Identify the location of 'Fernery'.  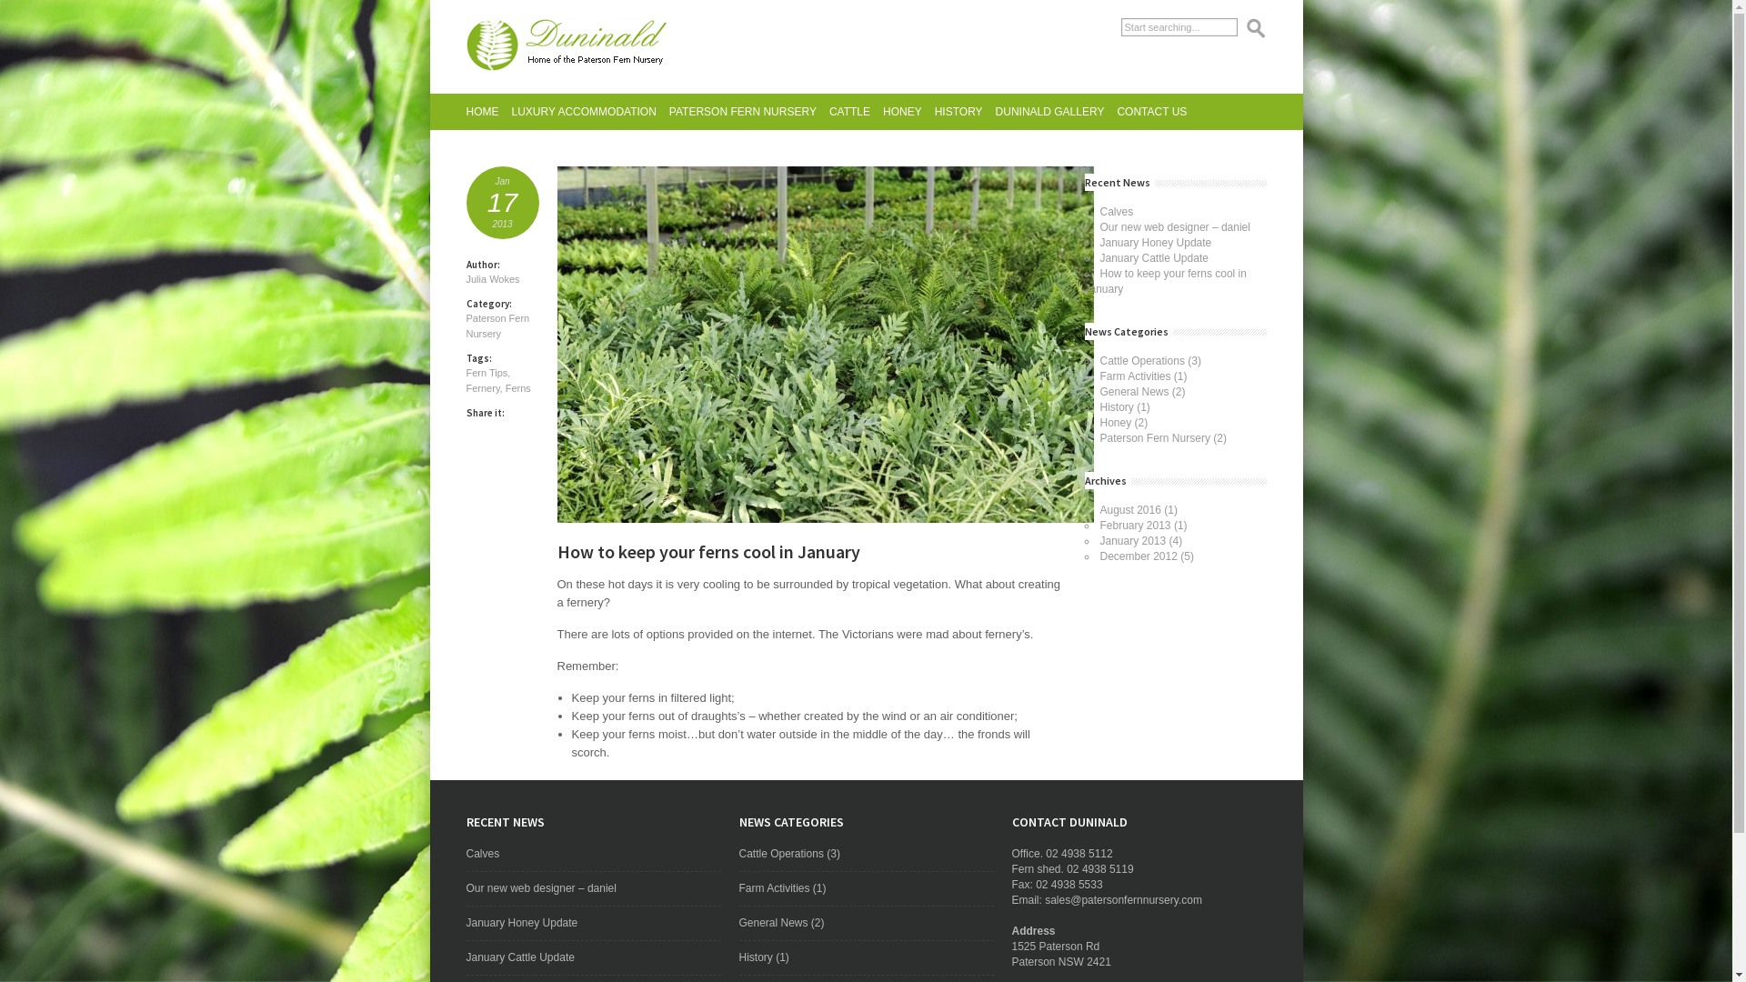
(482, 387).